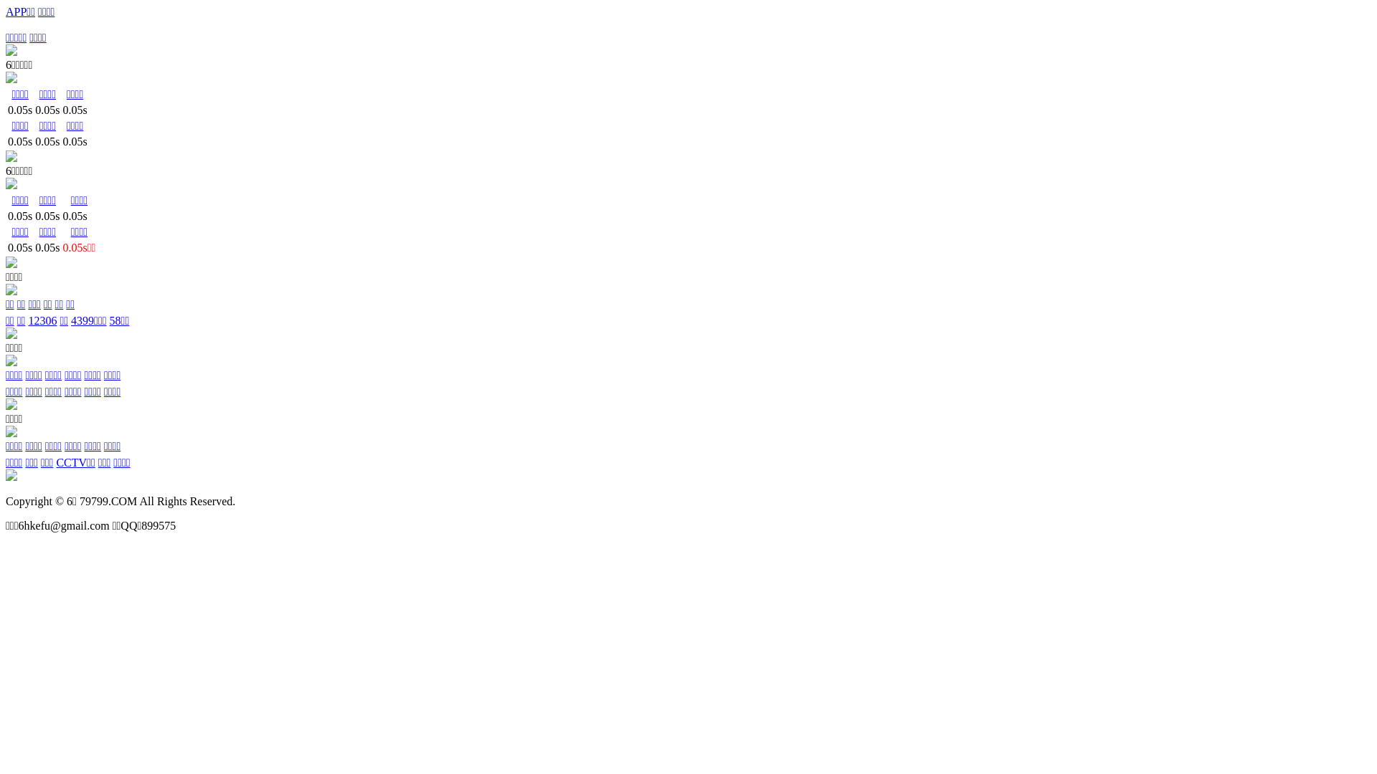 The image size is (1377, 774). What do you see at coordinates (42, 320) in the screenshot?
I see `'12306'` at bounding box center [42, 320].